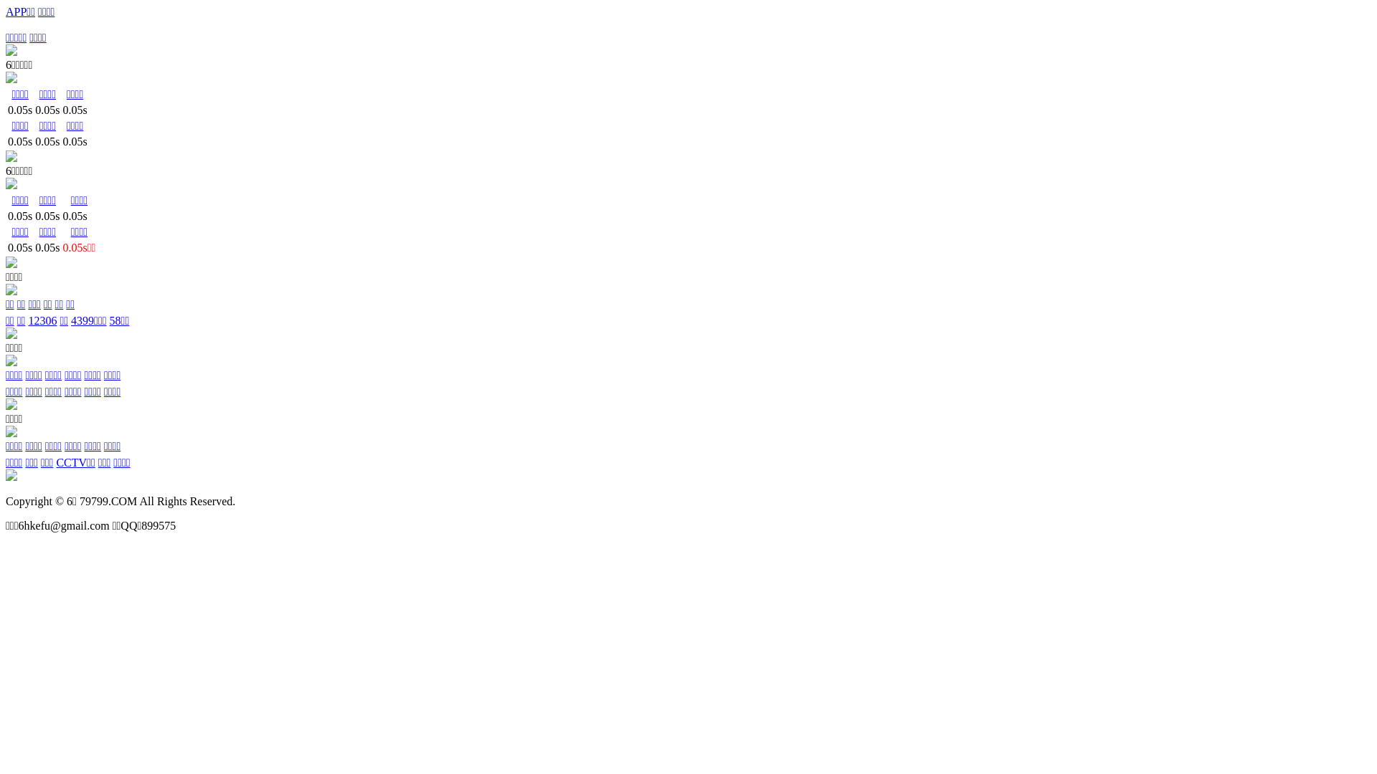 The image size is (1377, 774). What do you see at coordinates (42, 320) in the screenshot?
I see `'12306'` at bounding box center [42, 320].